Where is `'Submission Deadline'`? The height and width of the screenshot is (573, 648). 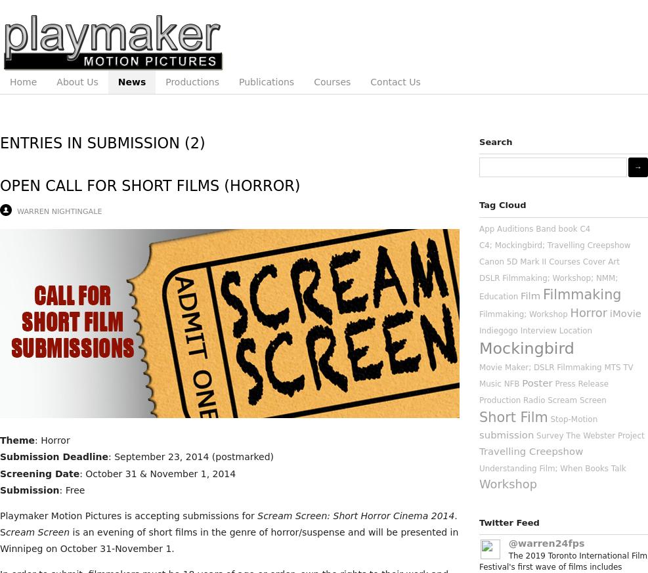 'Submission Deadline' is located at coordinates (54, 457).